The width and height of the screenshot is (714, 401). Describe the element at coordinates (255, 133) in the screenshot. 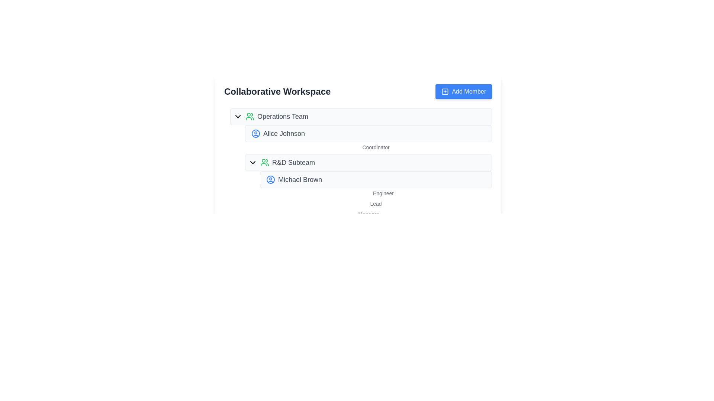

I see `the user represented` at that location.